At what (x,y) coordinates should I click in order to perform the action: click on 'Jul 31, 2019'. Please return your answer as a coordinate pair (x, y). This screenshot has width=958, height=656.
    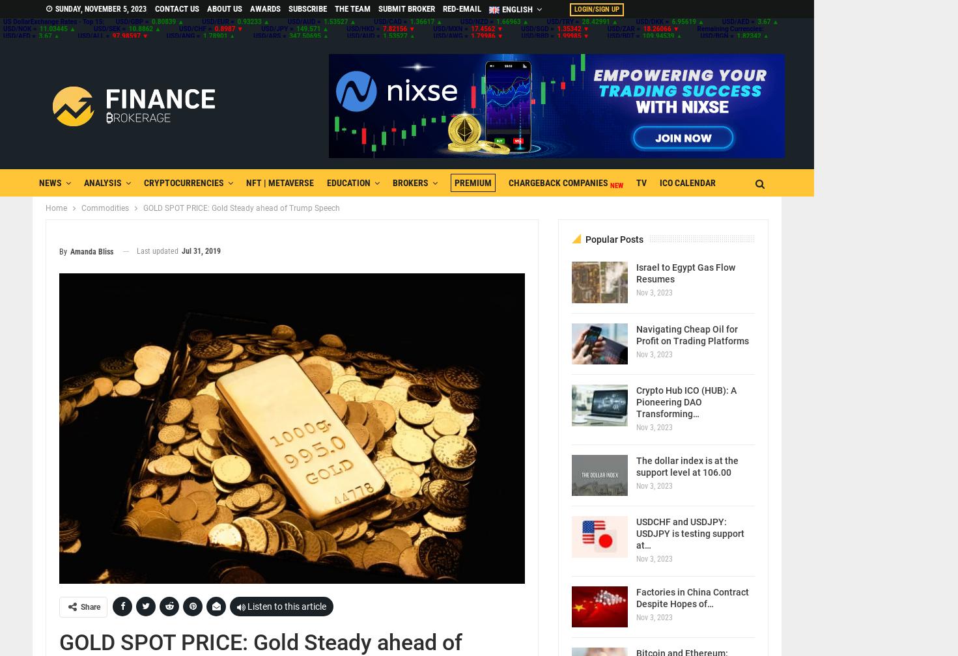
    Looking at the image, I should click on (201, 251).